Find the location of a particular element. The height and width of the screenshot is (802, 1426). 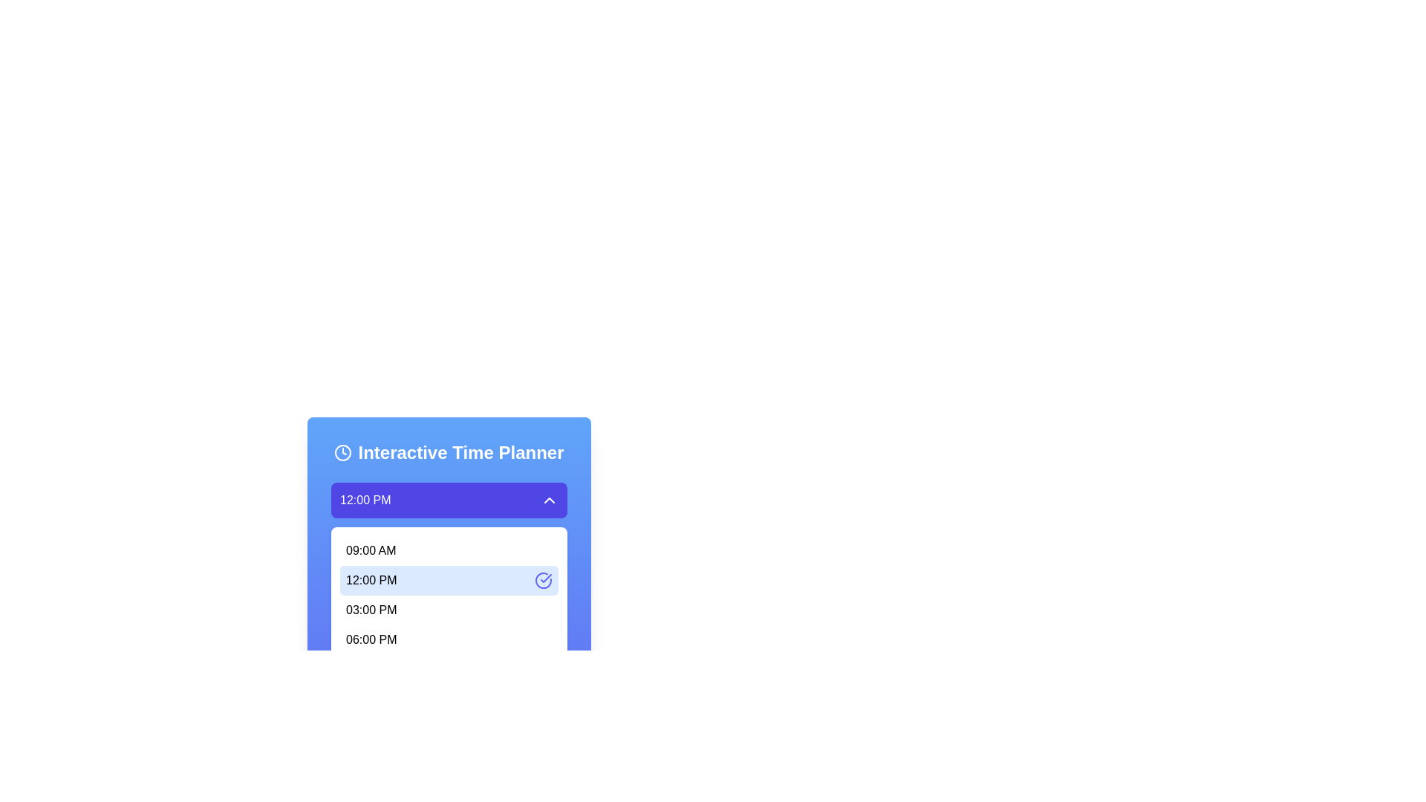

the static text element displaying '03:00 PM', which is the third time slot in a dropdown menu of a time planner interface, positioned between '12:00 PM' and '06:00 PM' is located at coordinates (371, 610).